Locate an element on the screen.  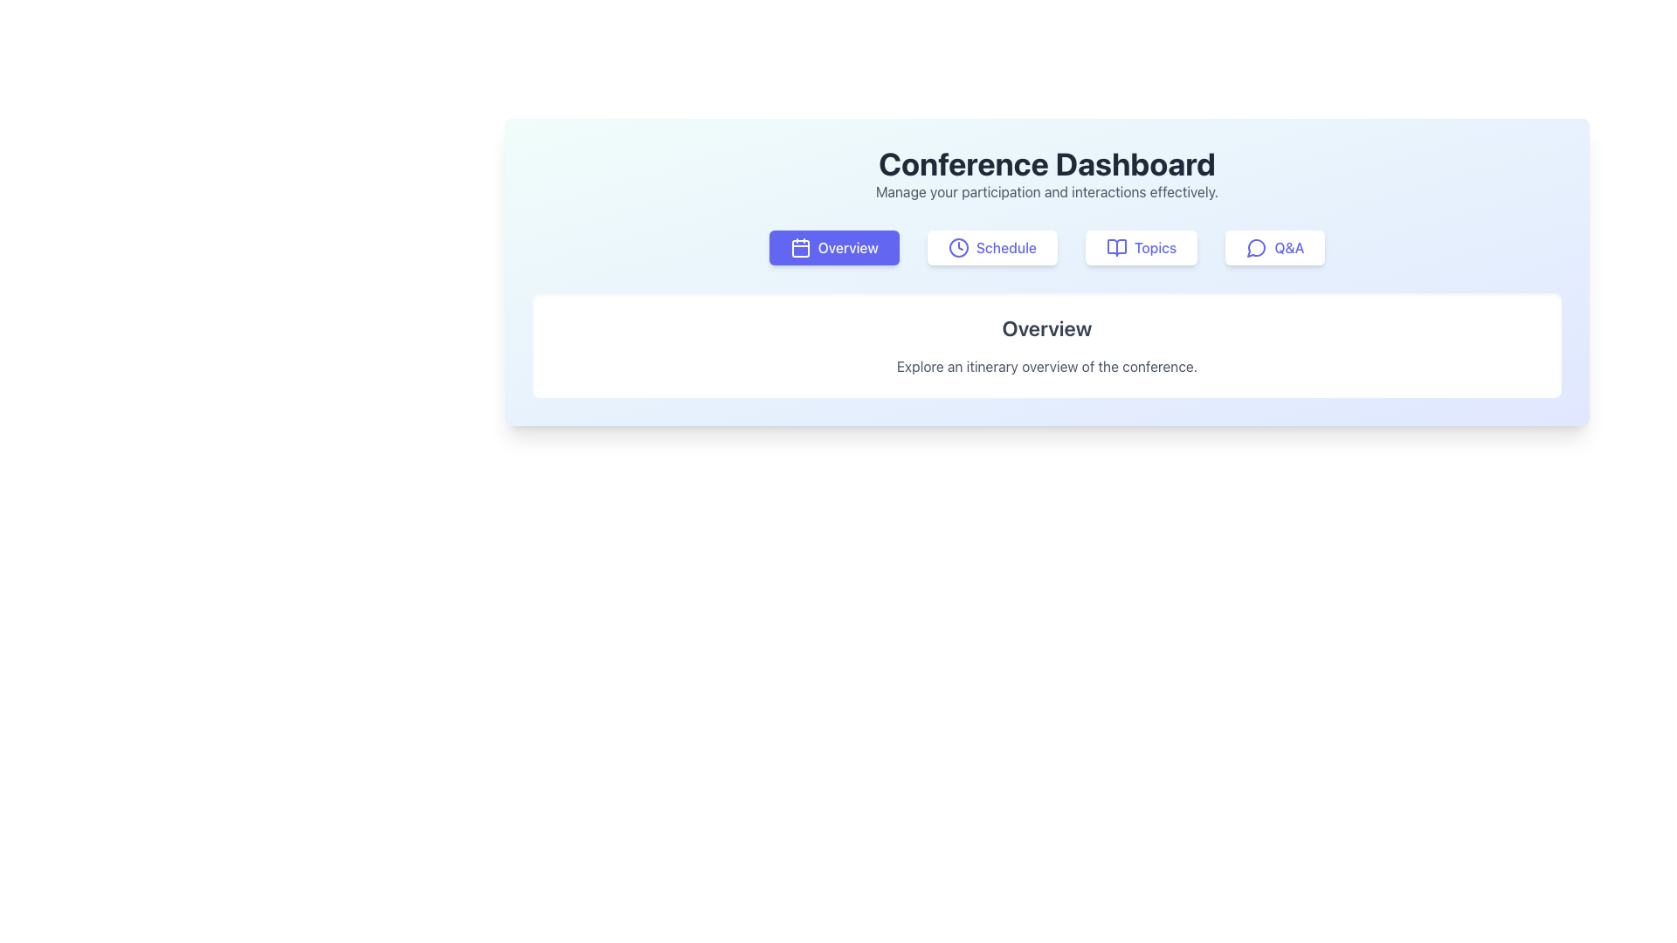
the Navigation Bar which allows users to navigate between 'Overview', 'Schedule', 'Topics', and 'Q&A' is located at coordinates (1047, 248).